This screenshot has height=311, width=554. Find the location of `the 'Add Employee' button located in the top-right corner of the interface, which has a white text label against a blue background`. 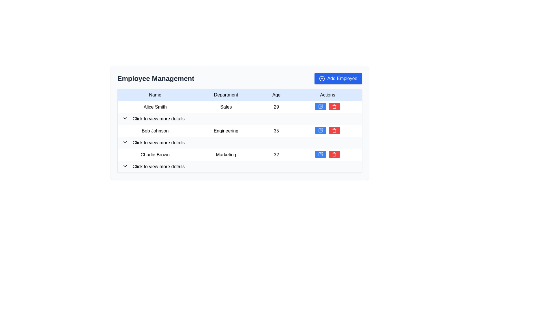

the 'Add Employee' button located in the top-right corner of the interface, which has a white text label against a blue background is located at coordinates (342, 79).